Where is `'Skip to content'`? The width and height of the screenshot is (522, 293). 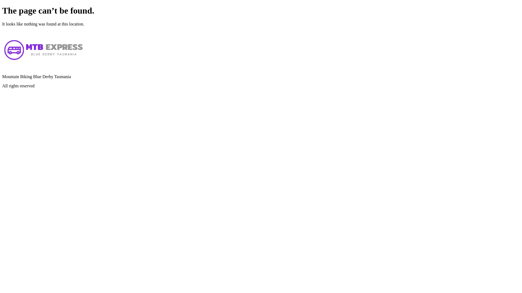 'Skip to content' is located at coordinates (2, 5).